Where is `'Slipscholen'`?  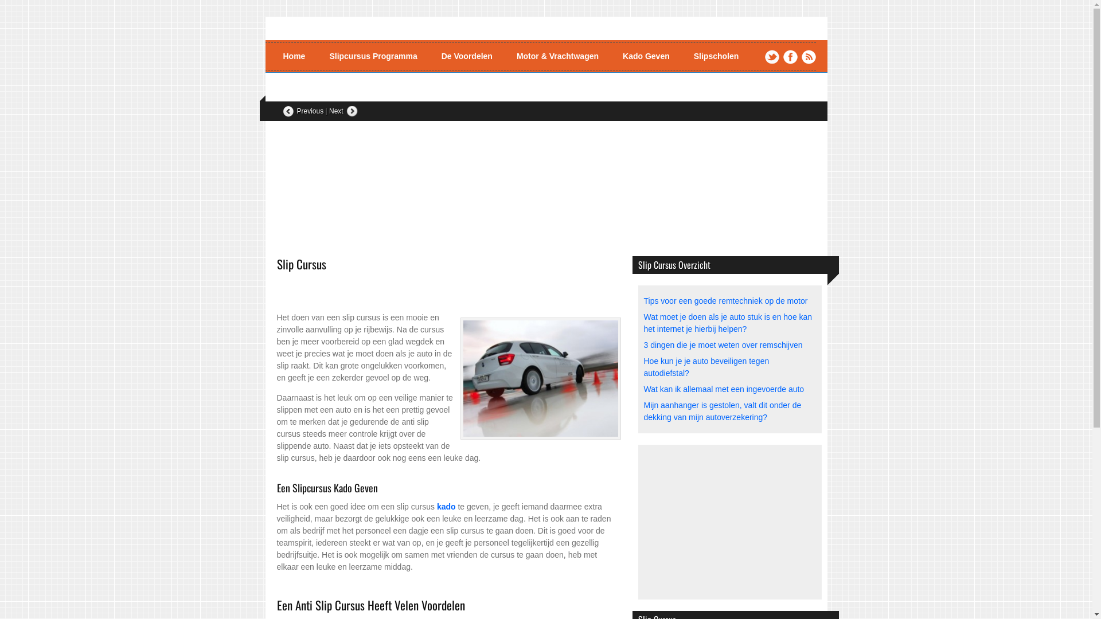 'Slipscholen' is located at coordinates (716, 56).